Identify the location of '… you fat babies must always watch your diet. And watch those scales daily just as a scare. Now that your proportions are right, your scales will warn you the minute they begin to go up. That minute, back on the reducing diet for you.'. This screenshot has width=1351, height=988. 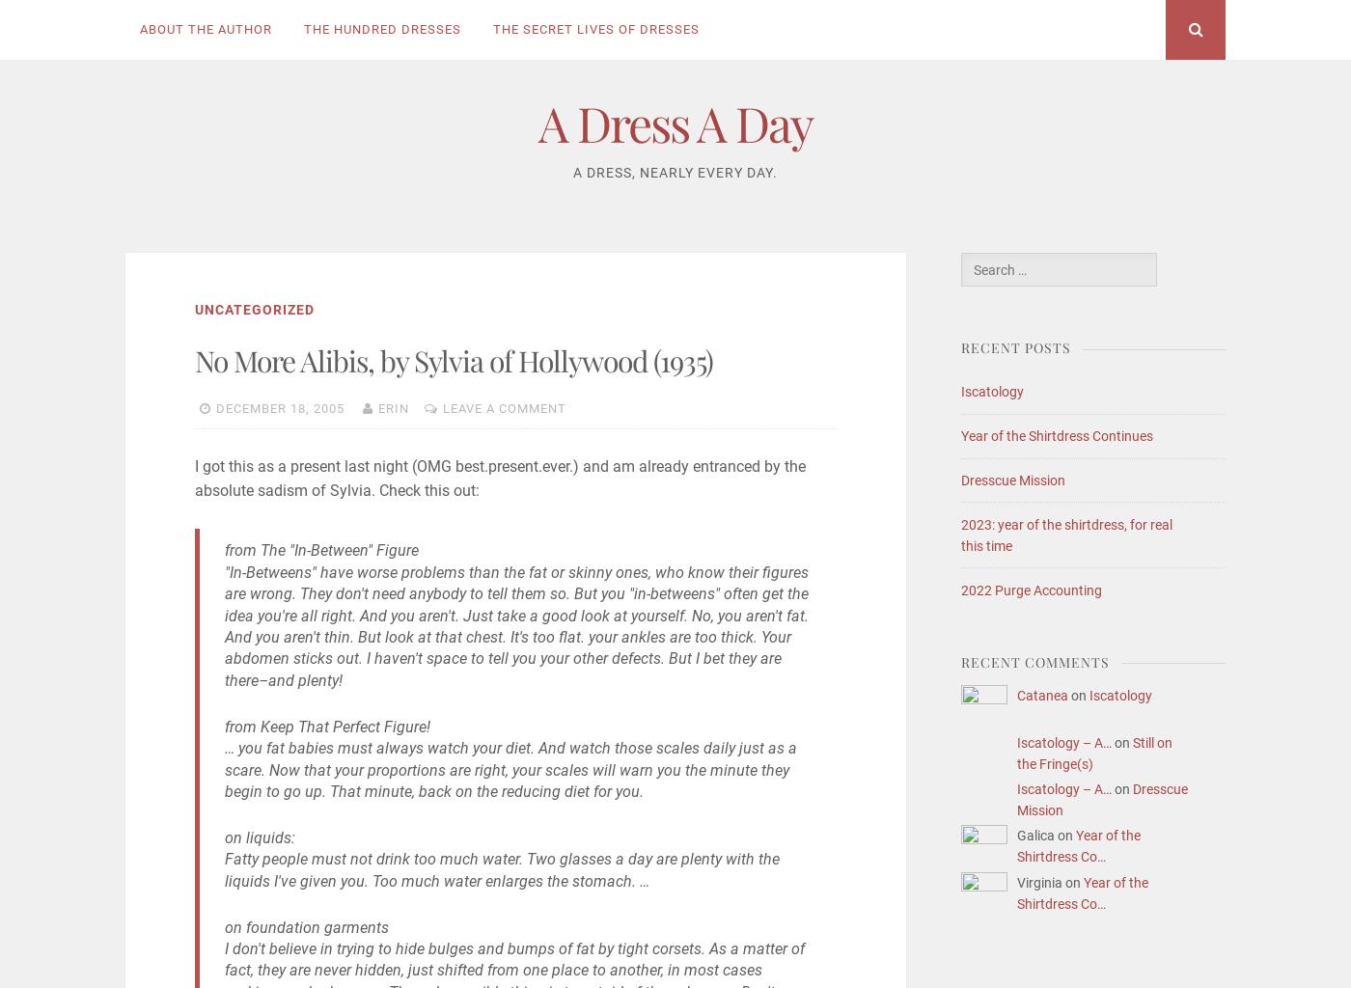
(510, 769).